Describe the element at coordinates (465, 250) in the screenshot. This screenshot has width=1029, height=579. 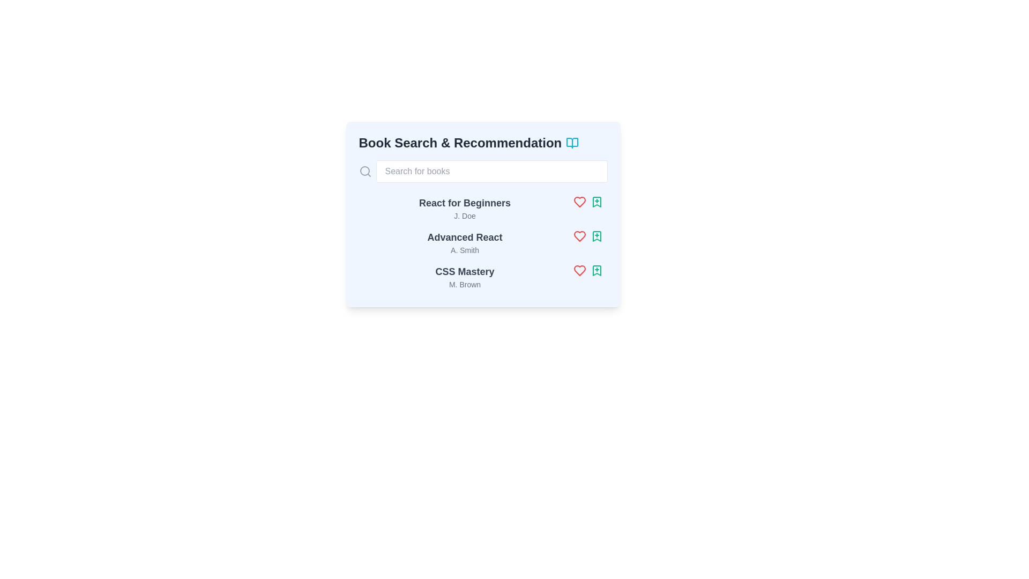
I see `the static text label displaying the author's name for the book 'Advanced React', located below the main title in the 'Book Search & Recommendation' panel` at that location.